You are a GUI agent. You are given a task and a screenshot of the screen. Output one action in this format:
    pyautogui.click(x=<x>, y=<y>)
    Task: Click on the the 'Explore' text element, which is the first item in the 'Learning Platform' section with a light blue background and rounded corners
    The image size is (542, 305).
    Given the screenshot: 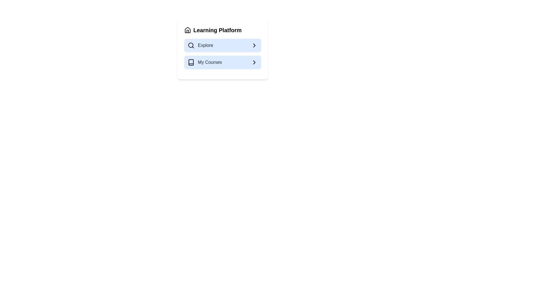 What is the action you would take?
    pyautogui.click(x=200, y=45)
    